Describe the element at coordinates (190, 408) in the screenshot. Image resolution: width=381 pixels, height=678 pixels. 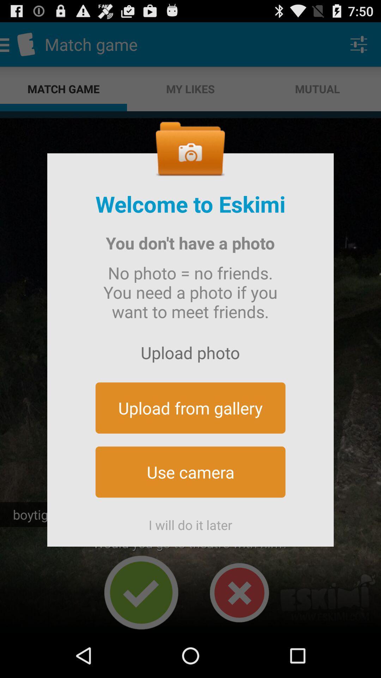
I see `item below the upload photo` at that location.